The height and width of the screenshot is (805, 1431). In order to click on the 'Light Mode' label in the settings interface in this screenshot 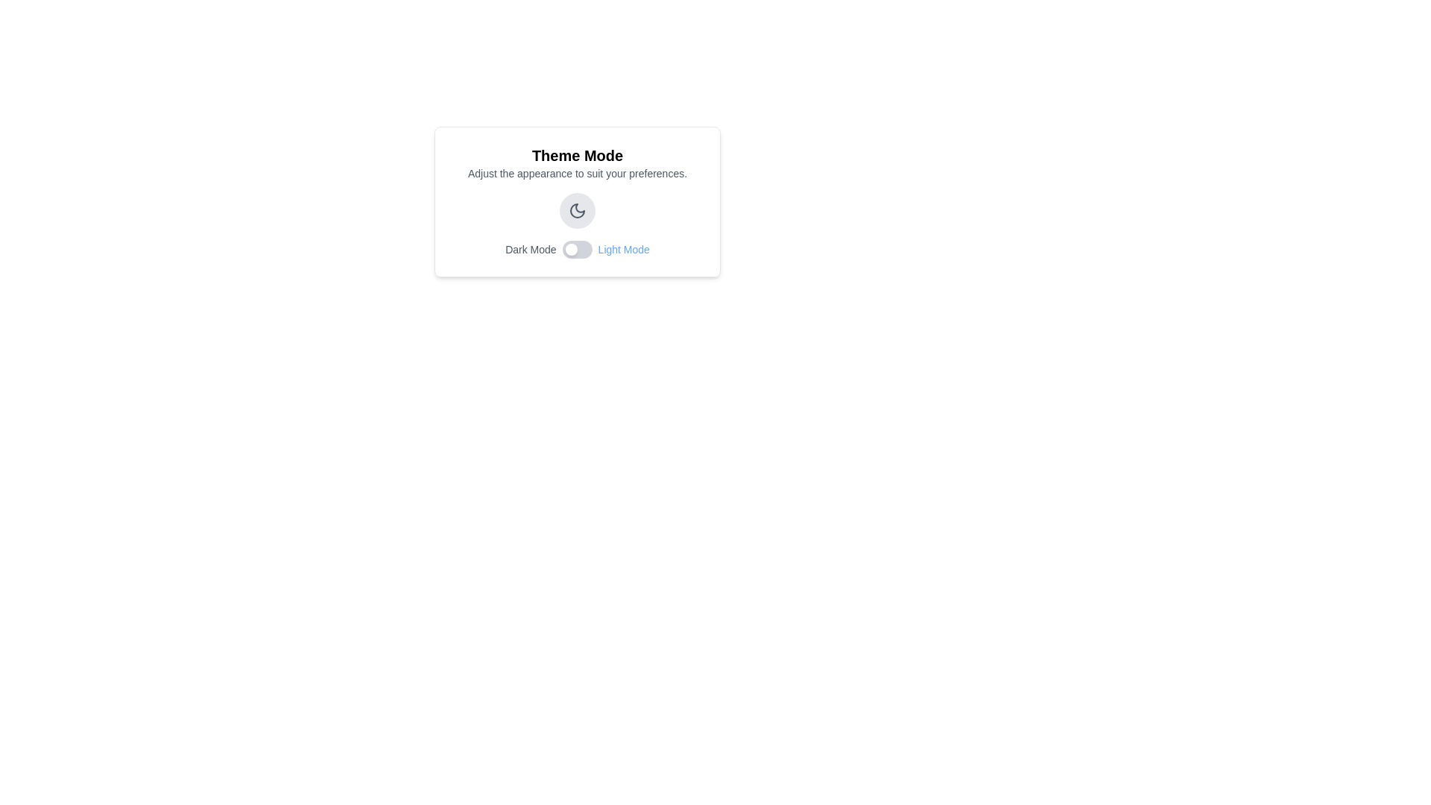, I will do `click(624, 249)`.